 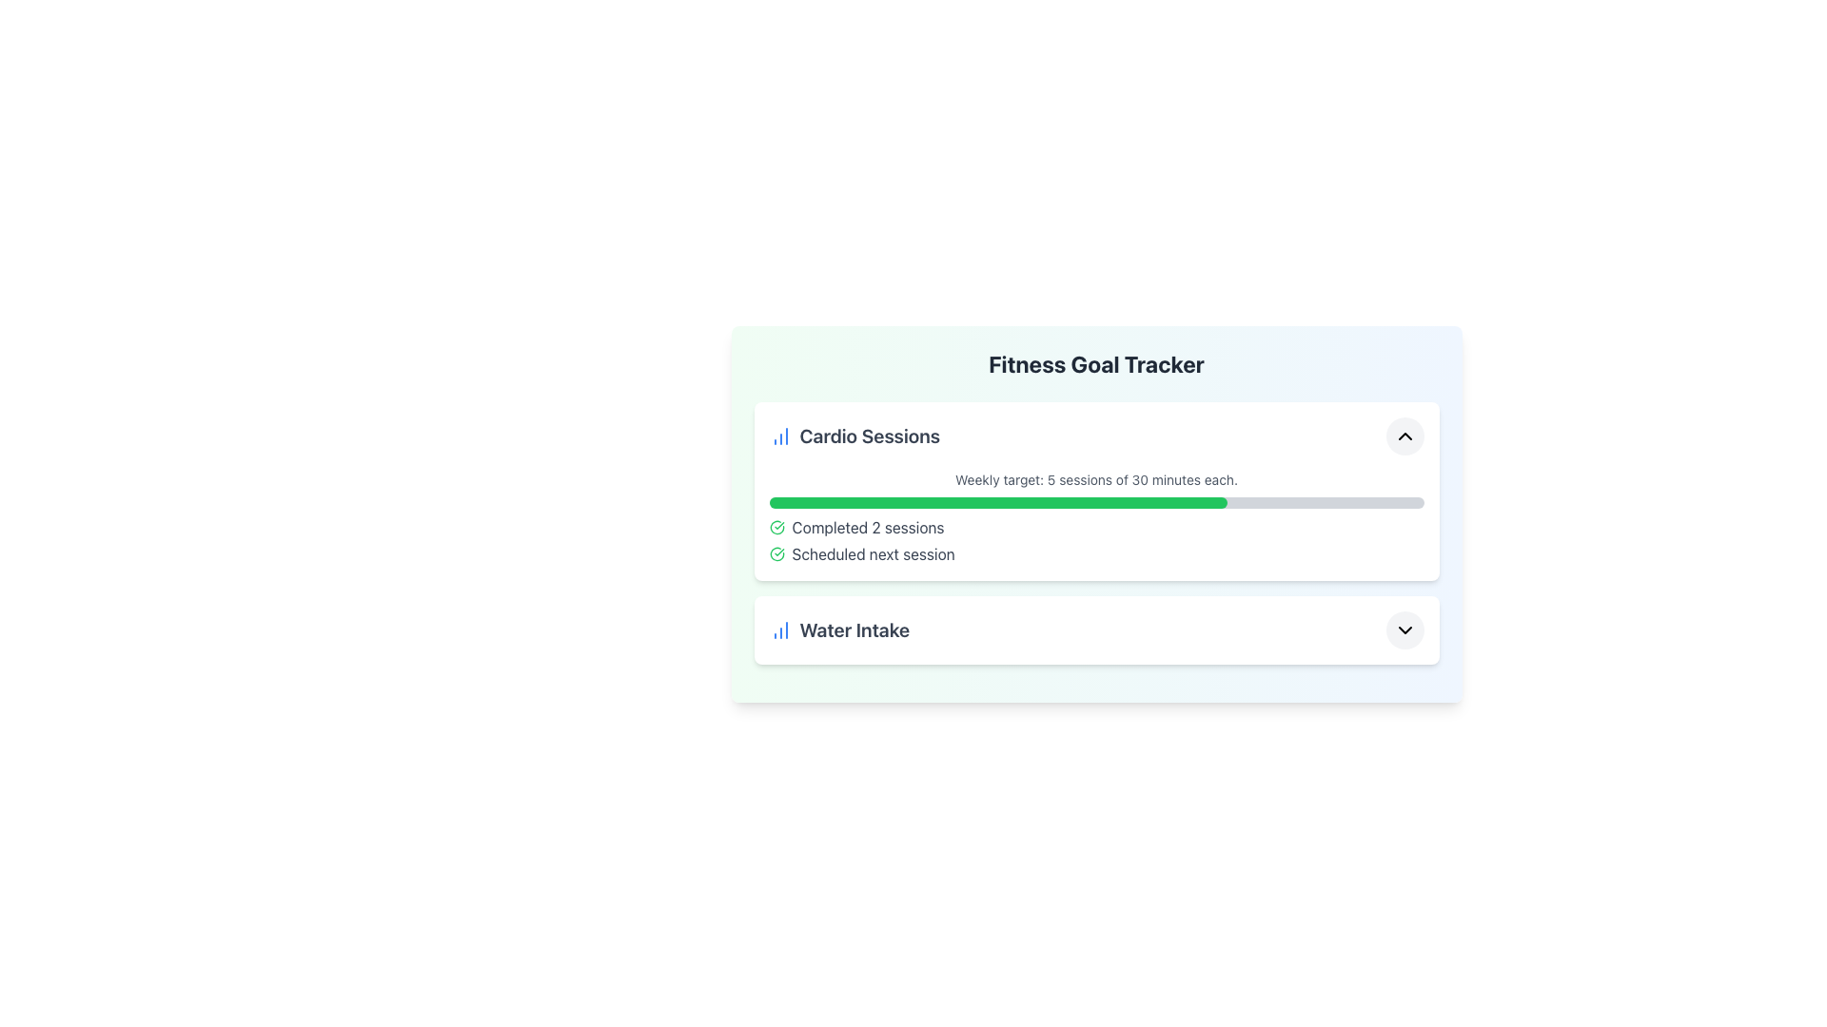 I want to click on the status icon located in the 'Scheduled next session' row of the 'Cardio Sessions' section, which is the leftmost component in that row, before the text label, so click(x=776, y=553).